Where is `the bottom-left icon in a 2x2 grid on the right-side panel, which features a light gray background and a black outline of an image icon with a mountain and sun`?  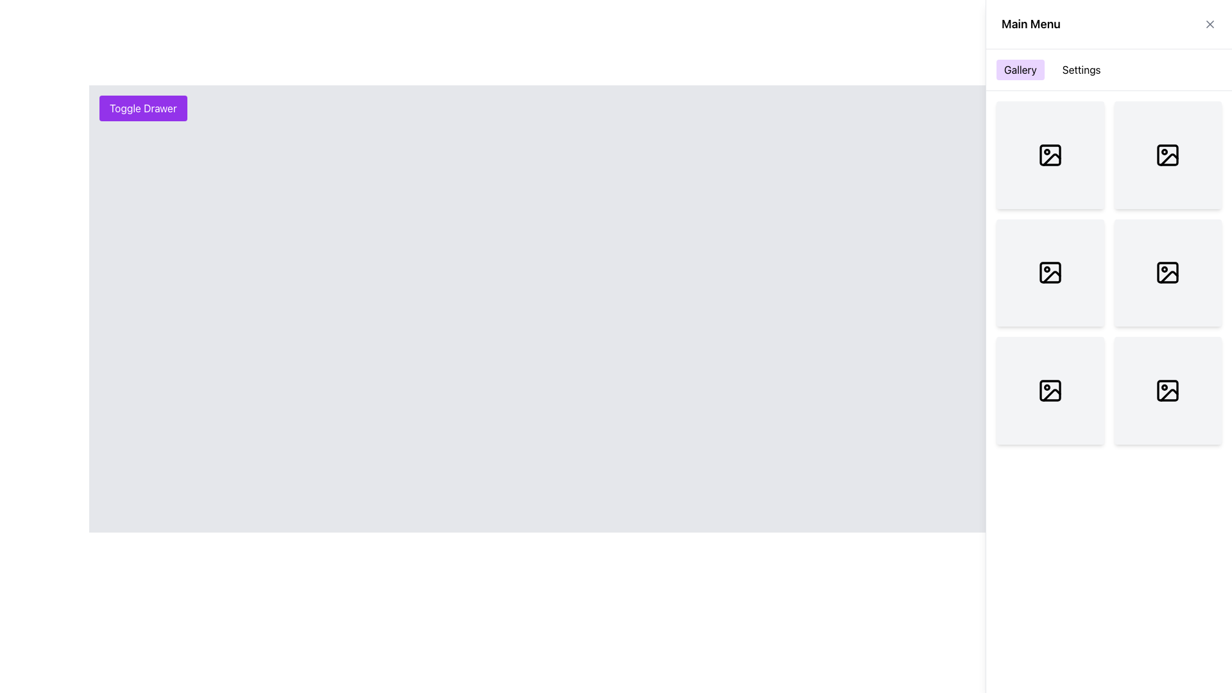
the bottom-left icon in a 2x2 grid on the right-side panel, which features a light gray background and a black outline of an image icon with a mountain and sun is located at coordinates (1050, 389).